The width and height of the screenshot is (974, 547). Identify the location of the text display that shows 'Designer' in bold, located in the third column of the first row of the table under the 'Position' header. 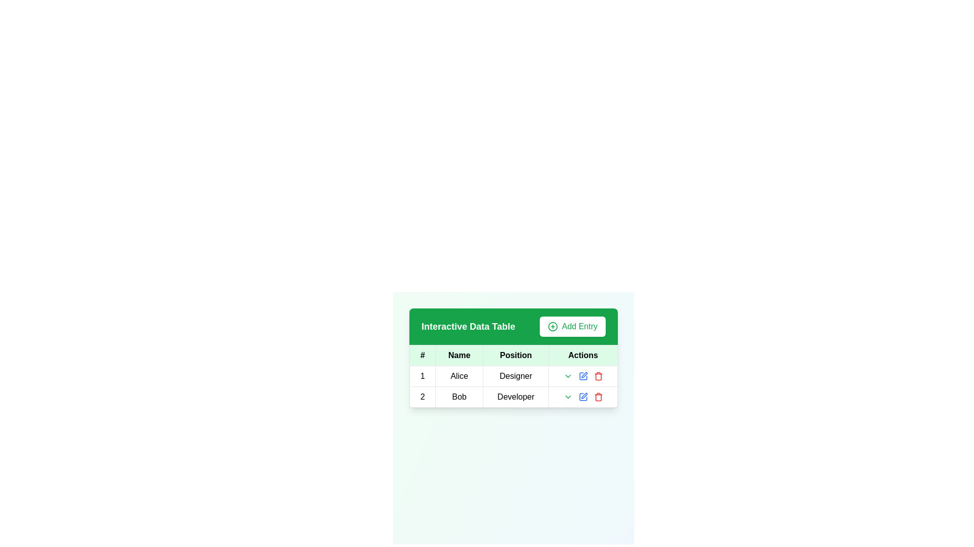
(516, 376).